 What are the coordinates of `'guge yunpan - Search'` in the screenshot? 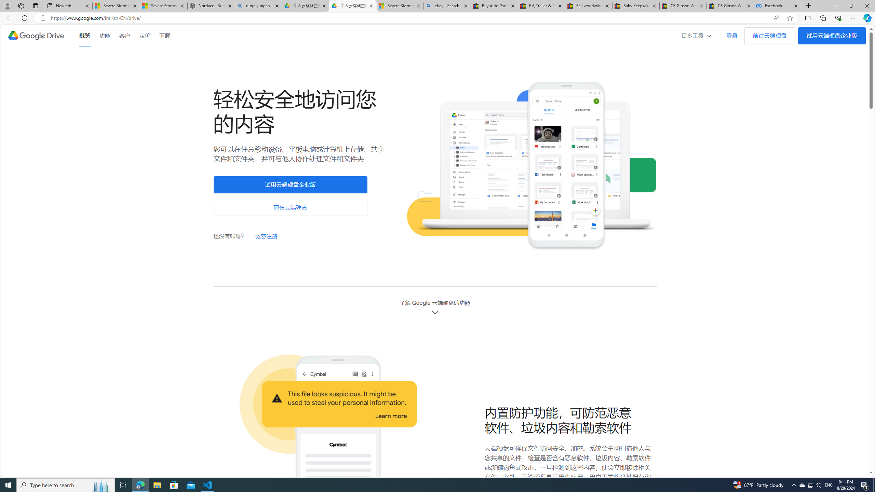 It's located at (258, 5).